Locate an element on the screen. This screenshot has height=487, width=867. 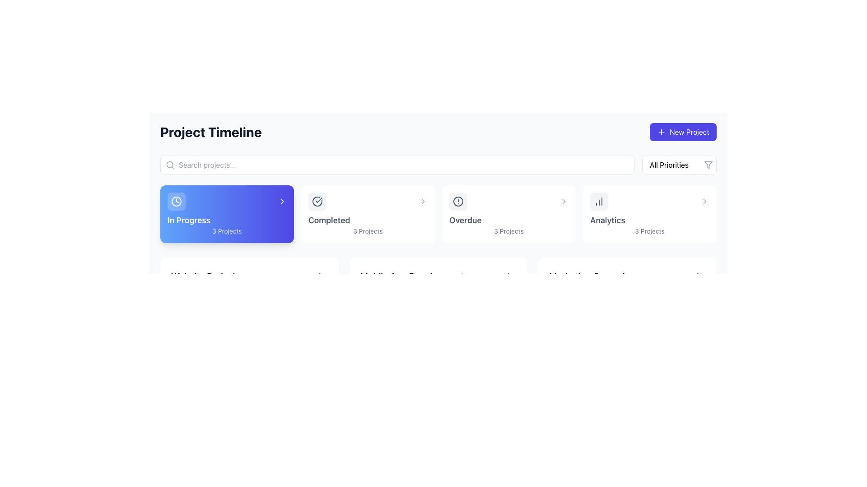
the category indicator or navigation shortcut within the 'Analytics' card located on the right side in the second row of interactive cards is located at coordinates (649, 201).